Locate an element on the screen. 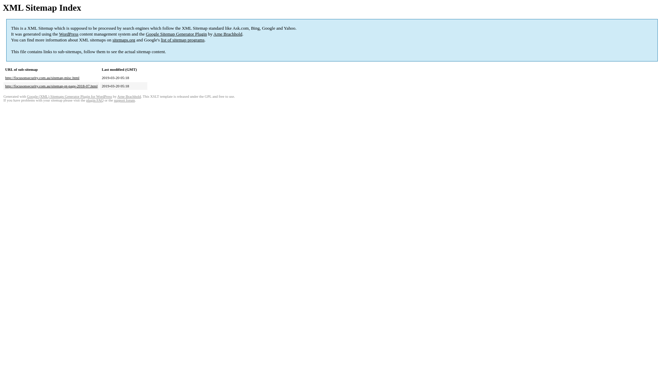 The height and width of the screenshot is (373, 664). 'Arne Brachhold' is located at coordinates (228, 34).